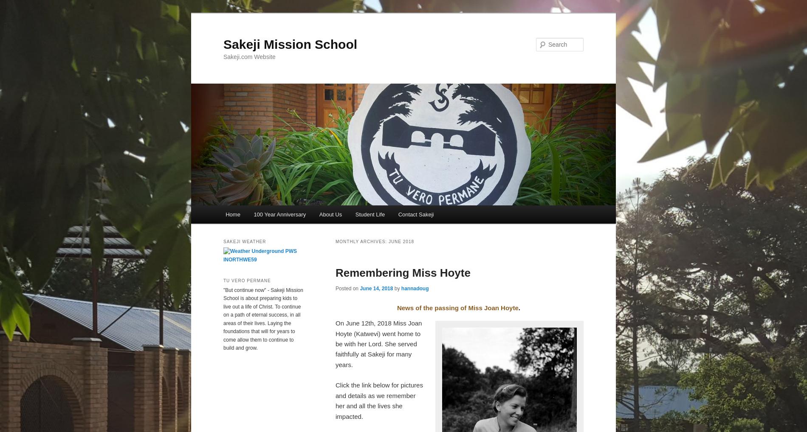 This screenshot has height=432, width=807. What do you see at coordinates (397, 289) in the screenshot?
I see `'by'` at bounding box center [397, 289].